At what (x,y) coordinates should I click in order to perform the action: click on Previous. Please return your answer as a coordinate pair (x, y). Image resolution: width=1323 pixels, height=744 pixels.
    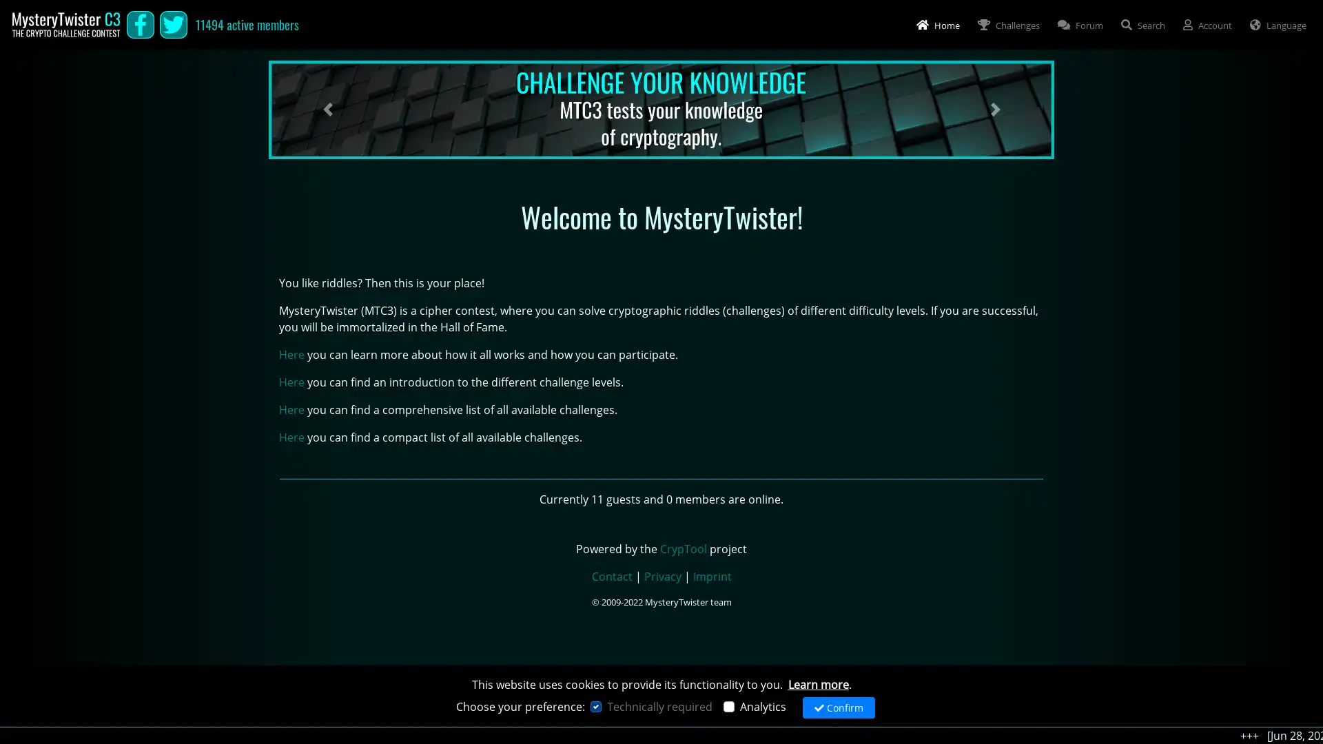
    Looking at the image, I should click on (327, 108).